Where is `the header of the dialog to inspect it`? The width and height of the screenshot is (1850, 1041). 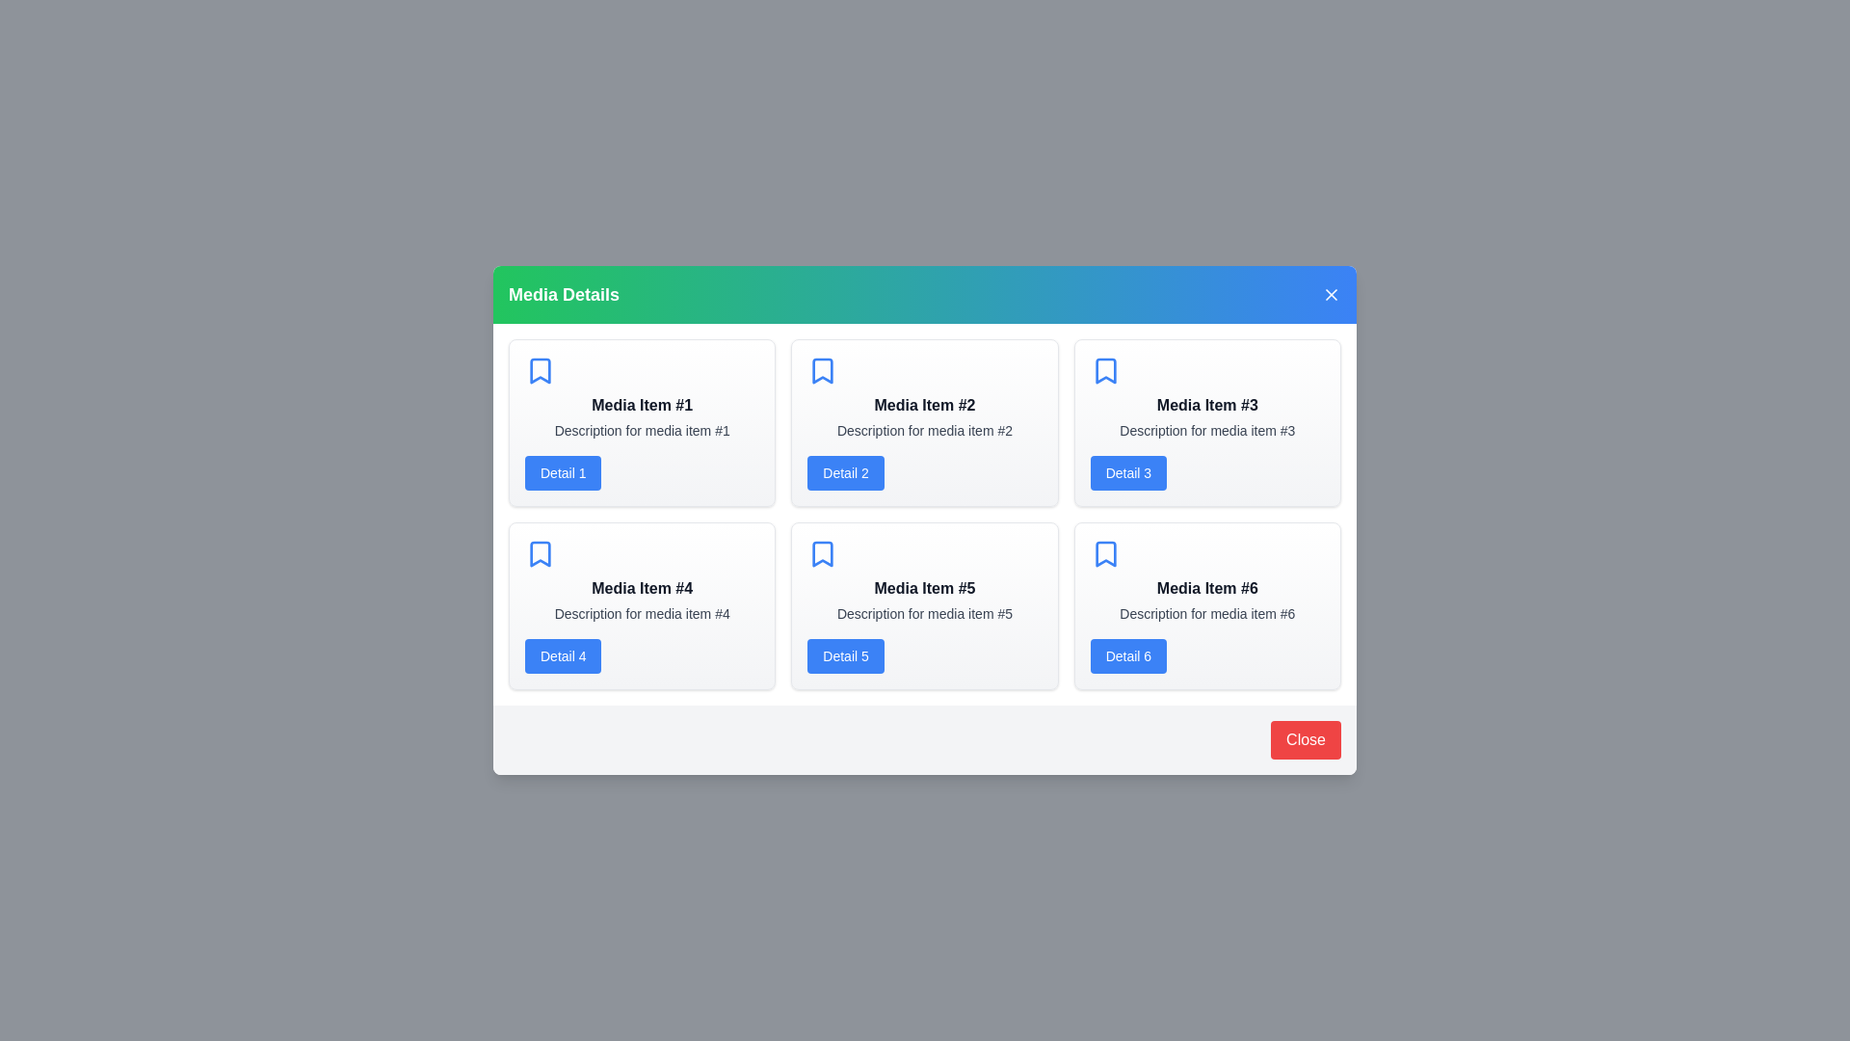
the header of the dialog to inspect it is located at coordinates (925, 294).